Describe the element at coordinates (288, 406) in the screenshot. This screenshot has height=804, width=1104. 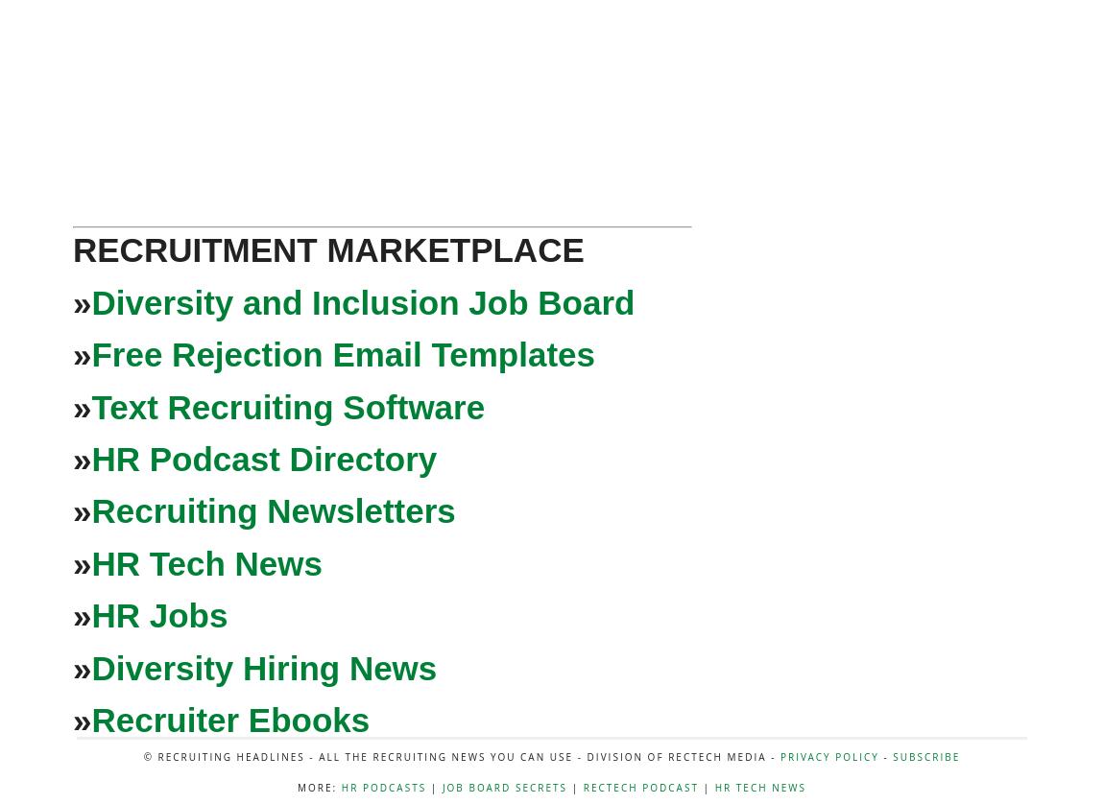
I see `'Text Recruiting Software'` at that location.